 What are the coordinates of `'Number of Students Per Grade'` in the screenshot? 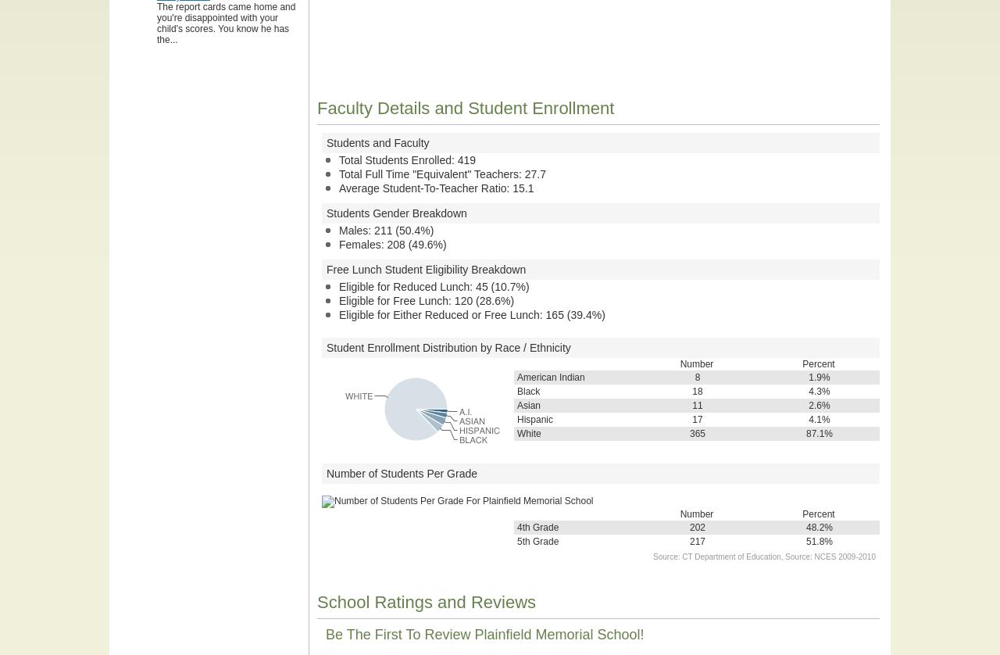 It's located at (402, 474).